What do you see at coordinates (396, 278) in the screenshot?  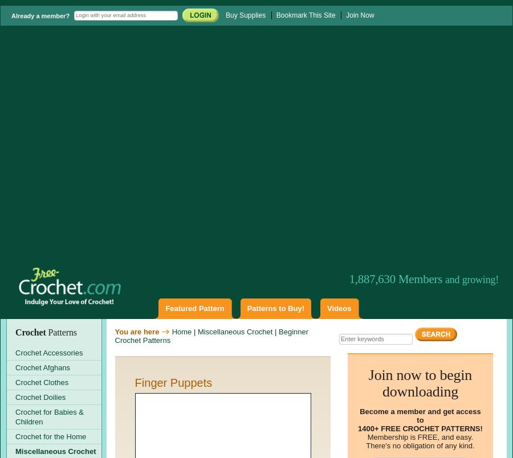 I see `'1,887,630 Members'` at bounding box center [396, 278].